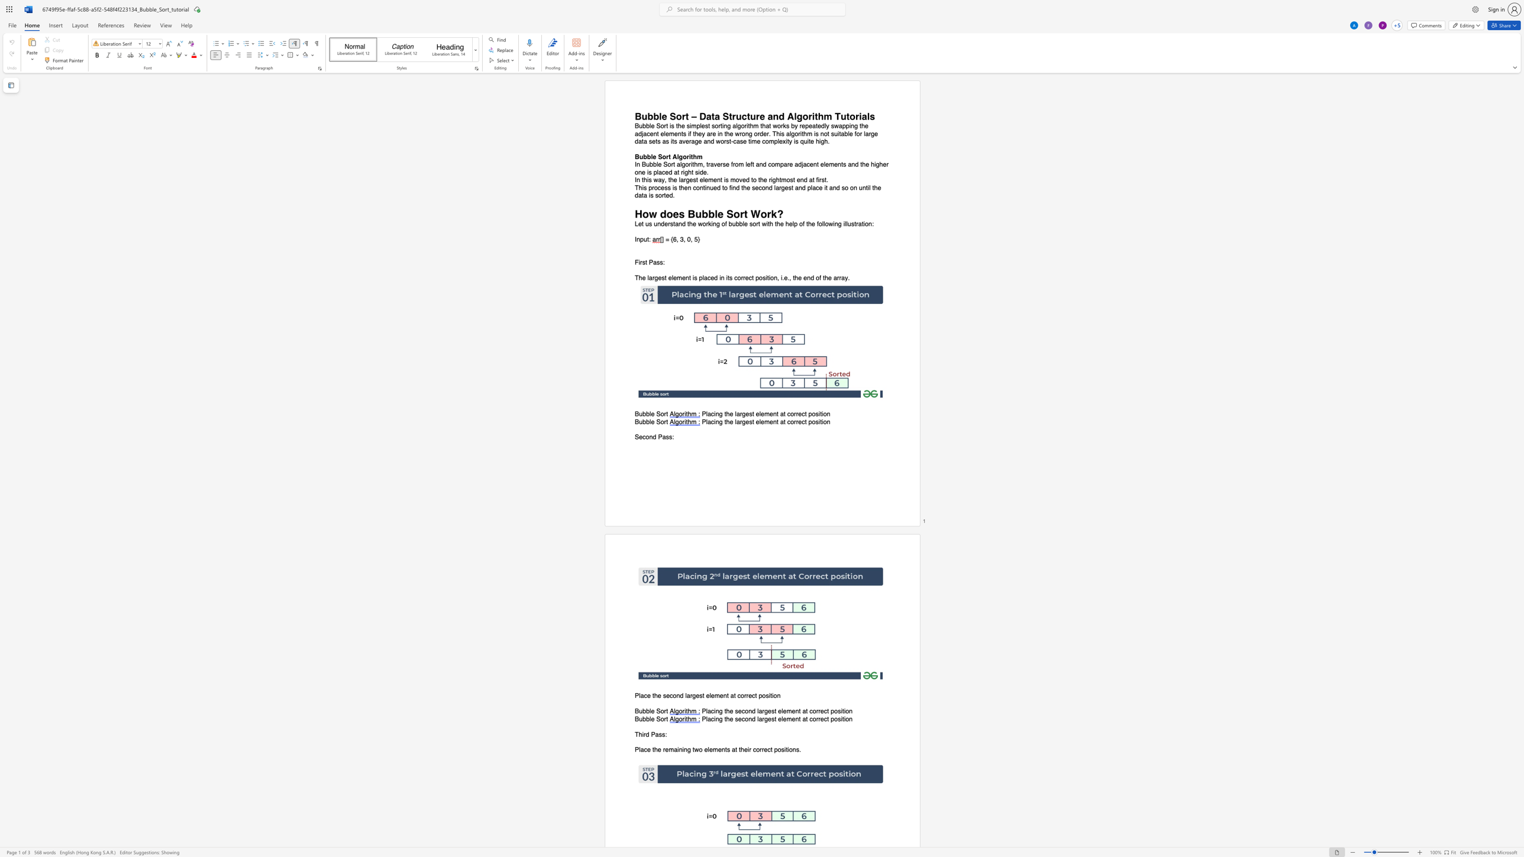 Image resolution: width=1524 pixels, height=857 pixels. I want to click on the 1th character "r" in the text, so click(665, 719).